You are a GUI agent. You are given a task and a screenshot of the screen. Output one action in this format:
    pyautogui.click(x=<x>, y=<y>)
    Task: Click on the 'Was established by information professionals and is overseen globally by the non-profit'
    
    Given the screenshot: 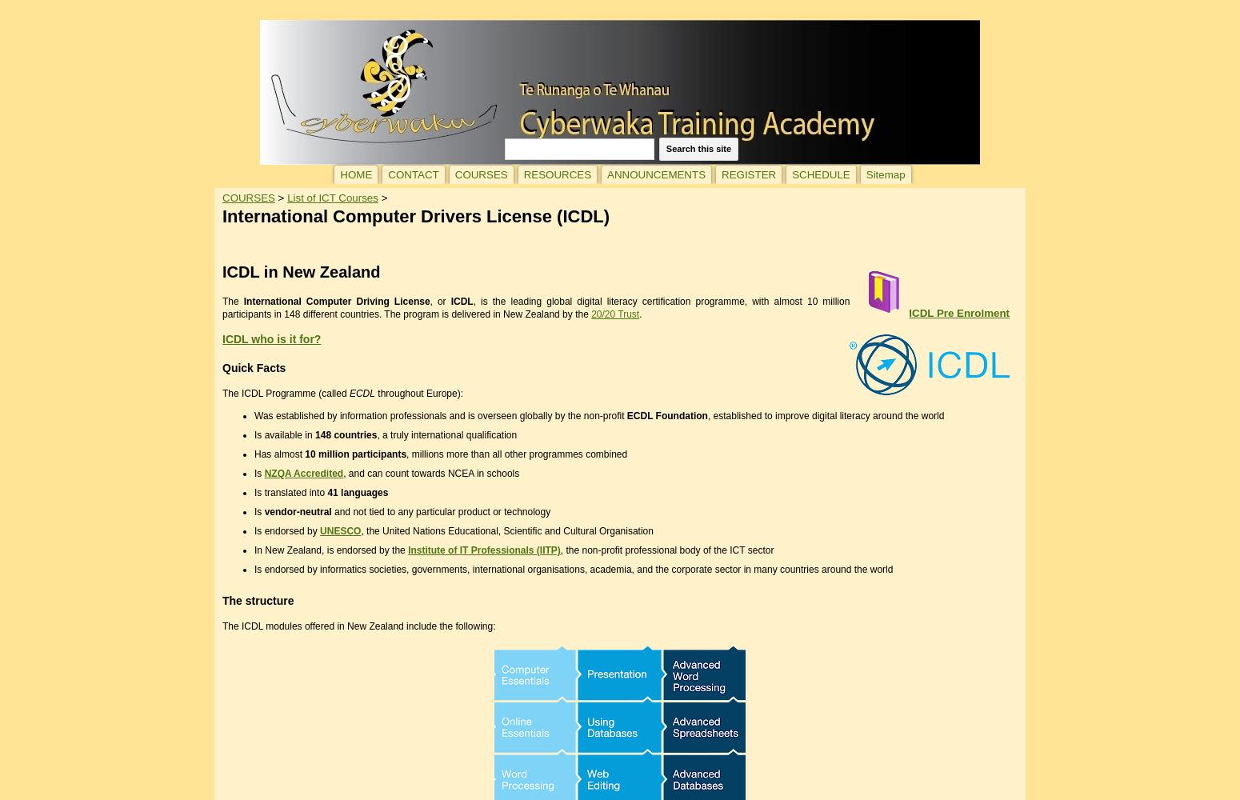 What is the action you would take?
    pyautogui.click(x=440, y=415)
    